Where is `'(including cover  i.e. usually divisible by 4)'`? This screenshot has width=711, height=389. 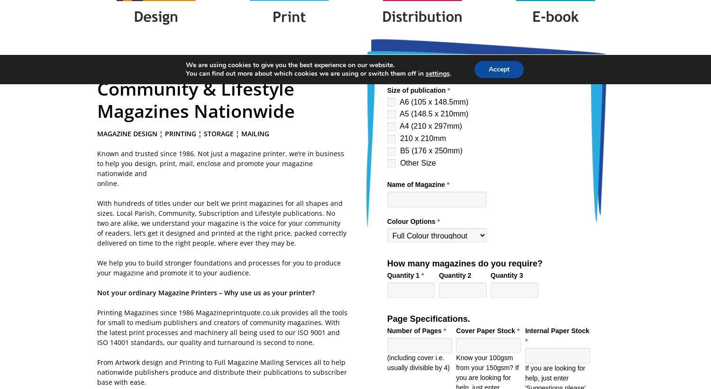
'(including cover  i.e. usually divisible by 4)' is located at coordinates (418, 362).